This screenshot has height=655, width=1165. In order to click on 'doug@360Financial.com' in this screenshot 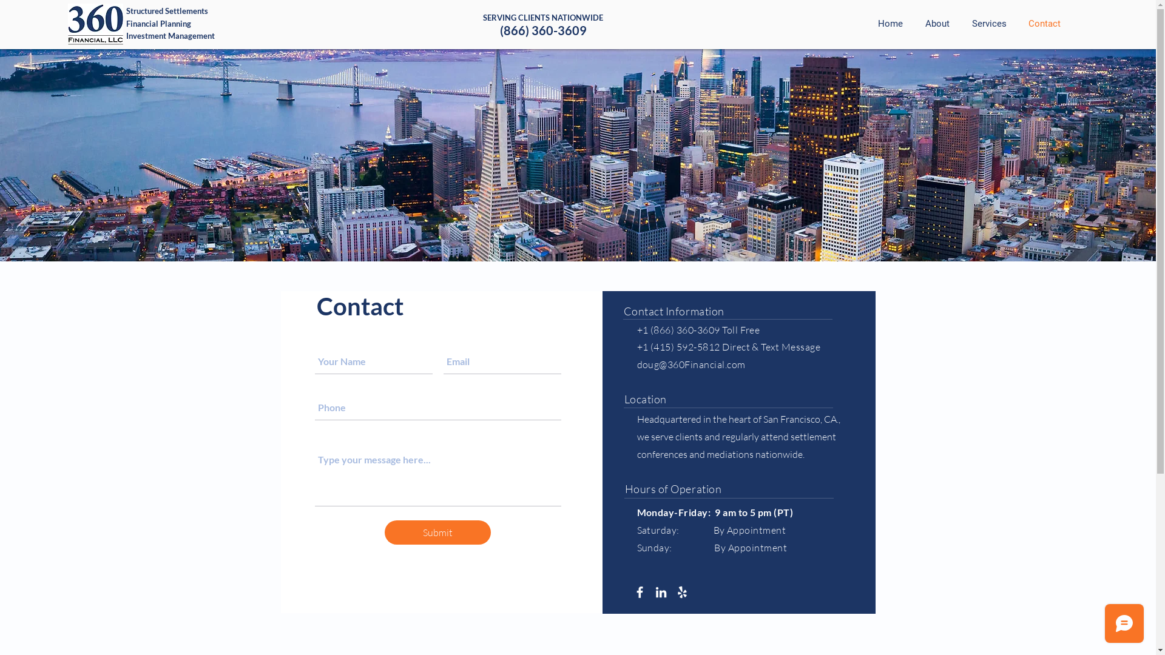, I will do `click(691, 364)`.